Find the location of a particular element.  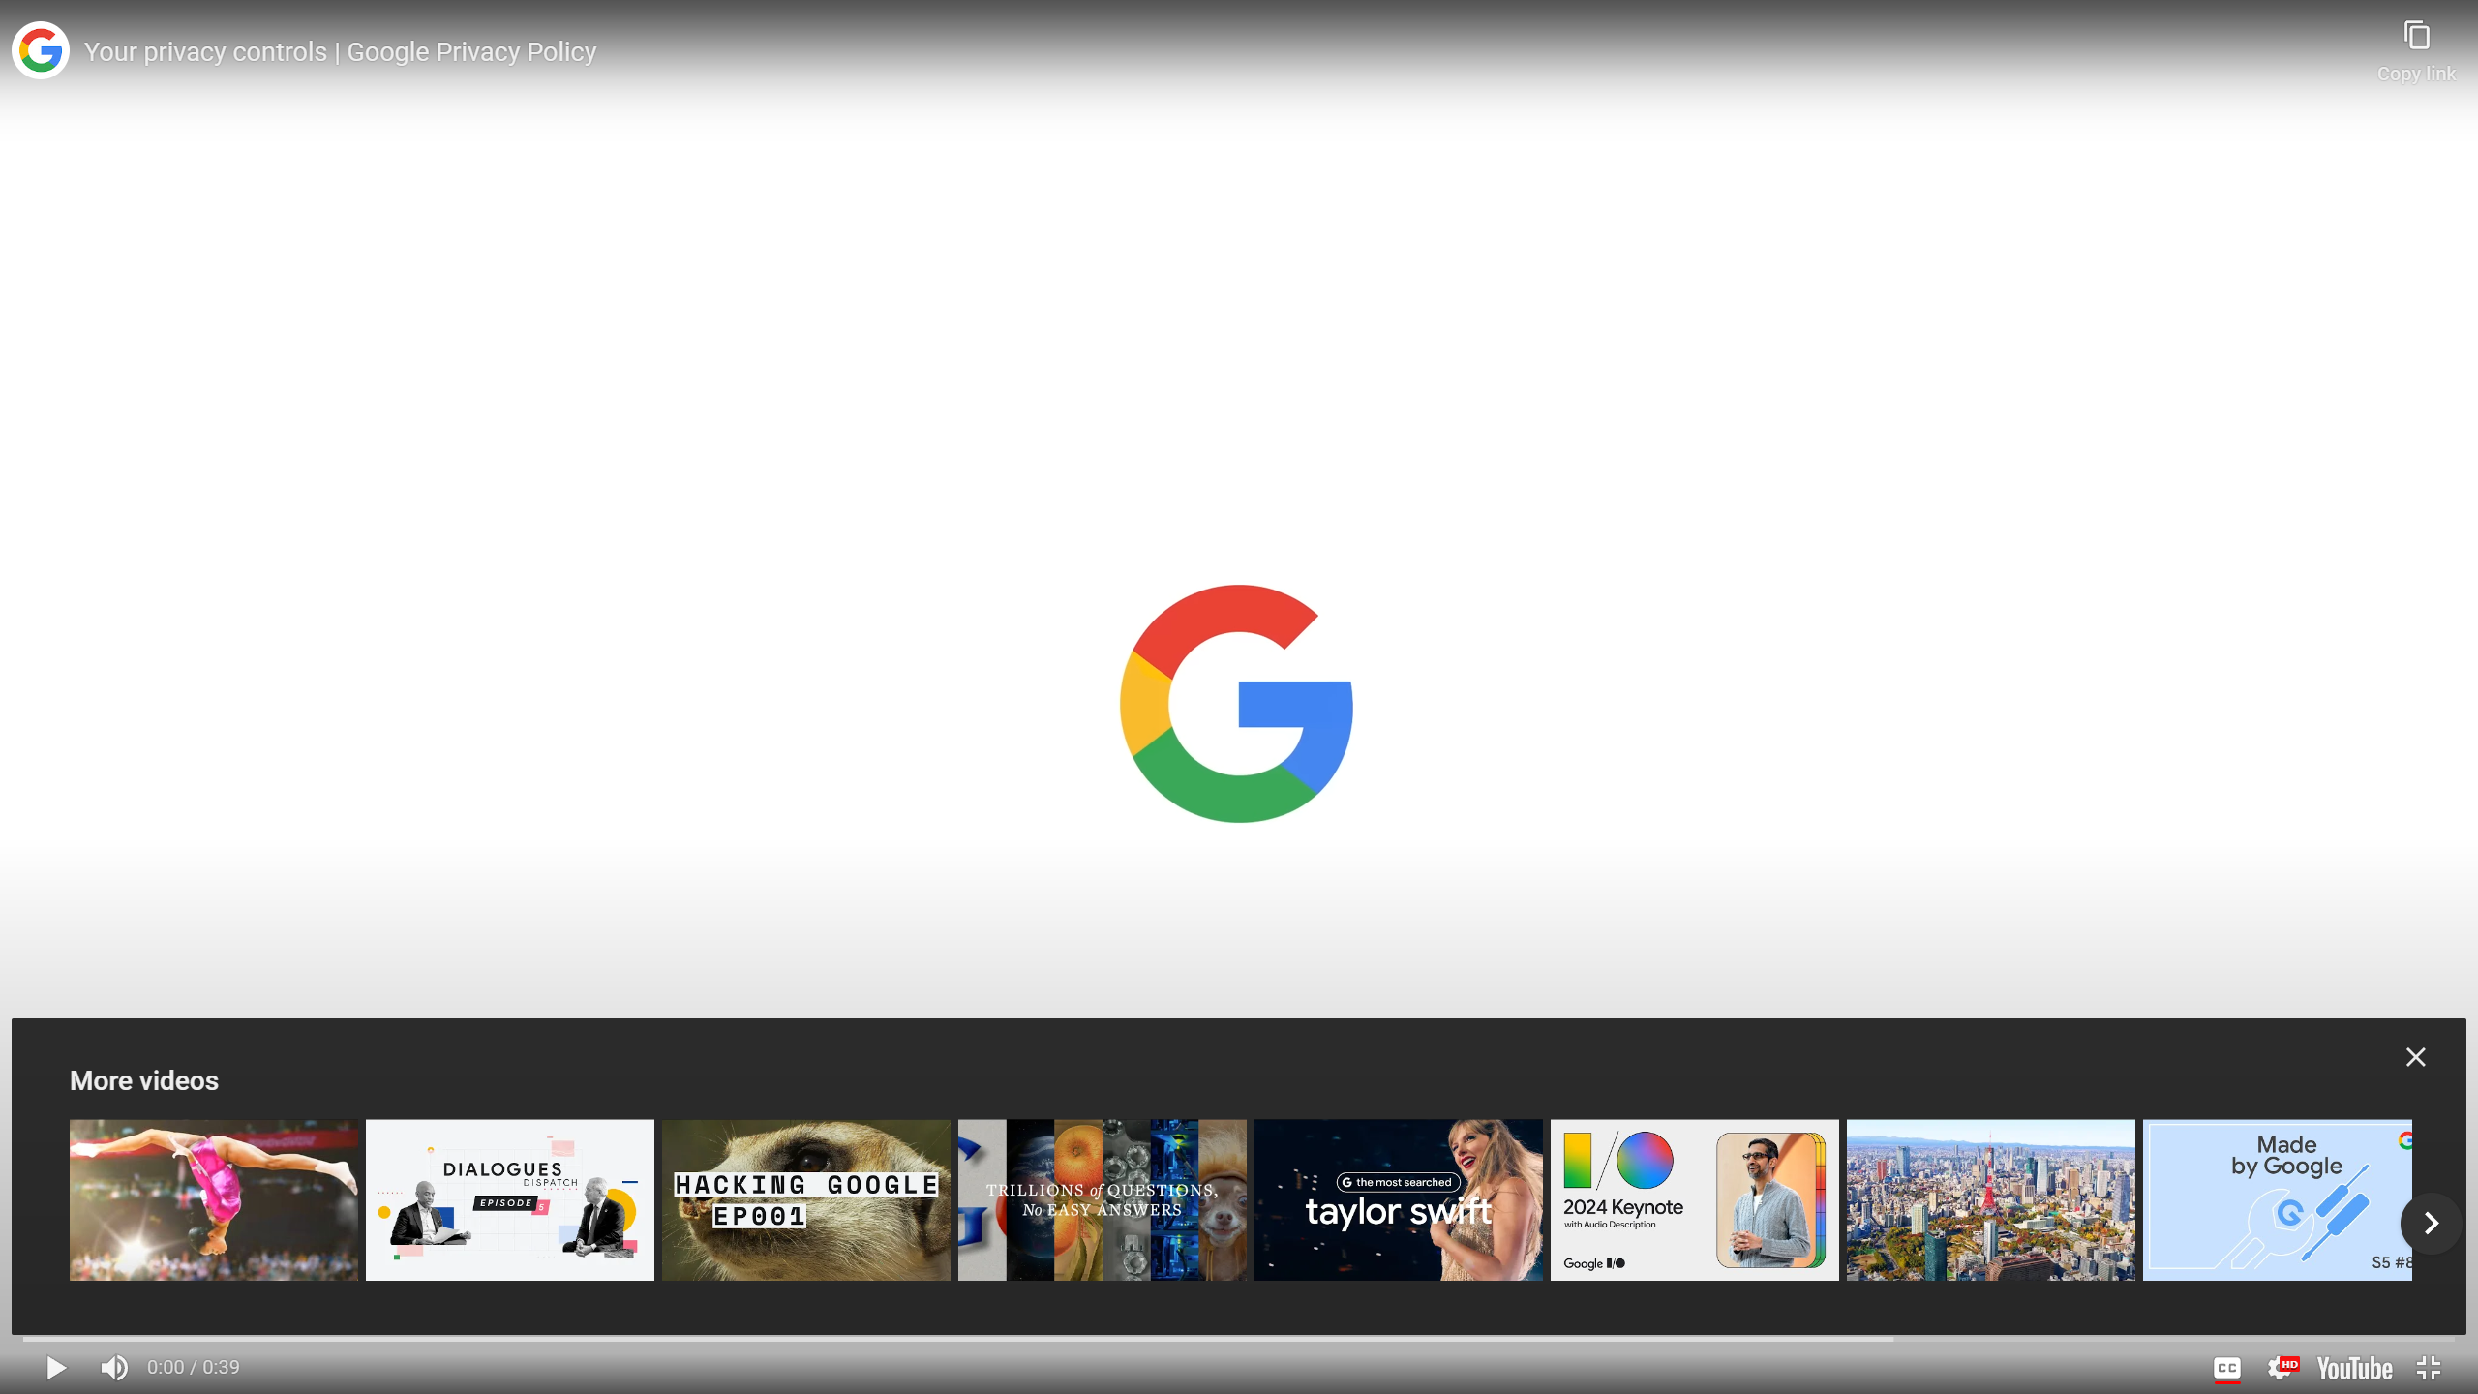

'Show more suggested videos' is located at coordinates (2431, 1223).